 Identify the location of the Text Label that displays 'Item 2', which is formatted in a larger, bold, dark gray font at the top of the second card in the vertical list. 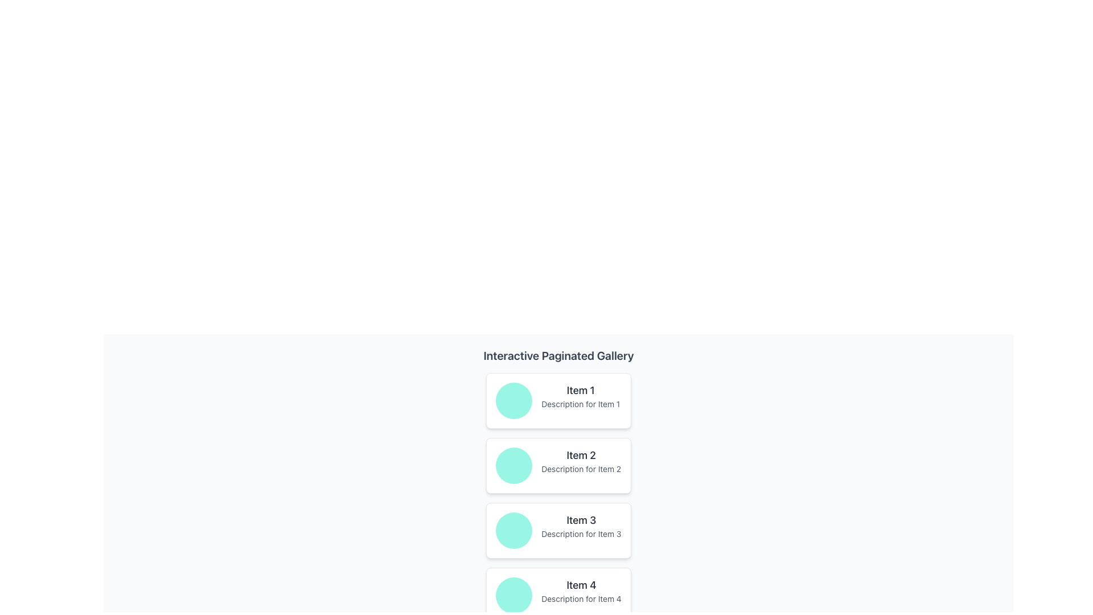
(581, 454).